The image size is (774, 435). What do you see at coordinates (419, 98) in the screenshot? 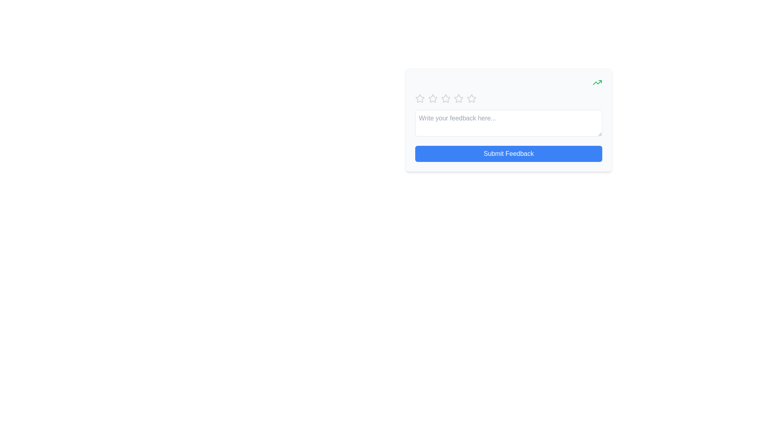
I see `the leftmost star icon in the horizontal group of five` at bounding box center [419, 98].